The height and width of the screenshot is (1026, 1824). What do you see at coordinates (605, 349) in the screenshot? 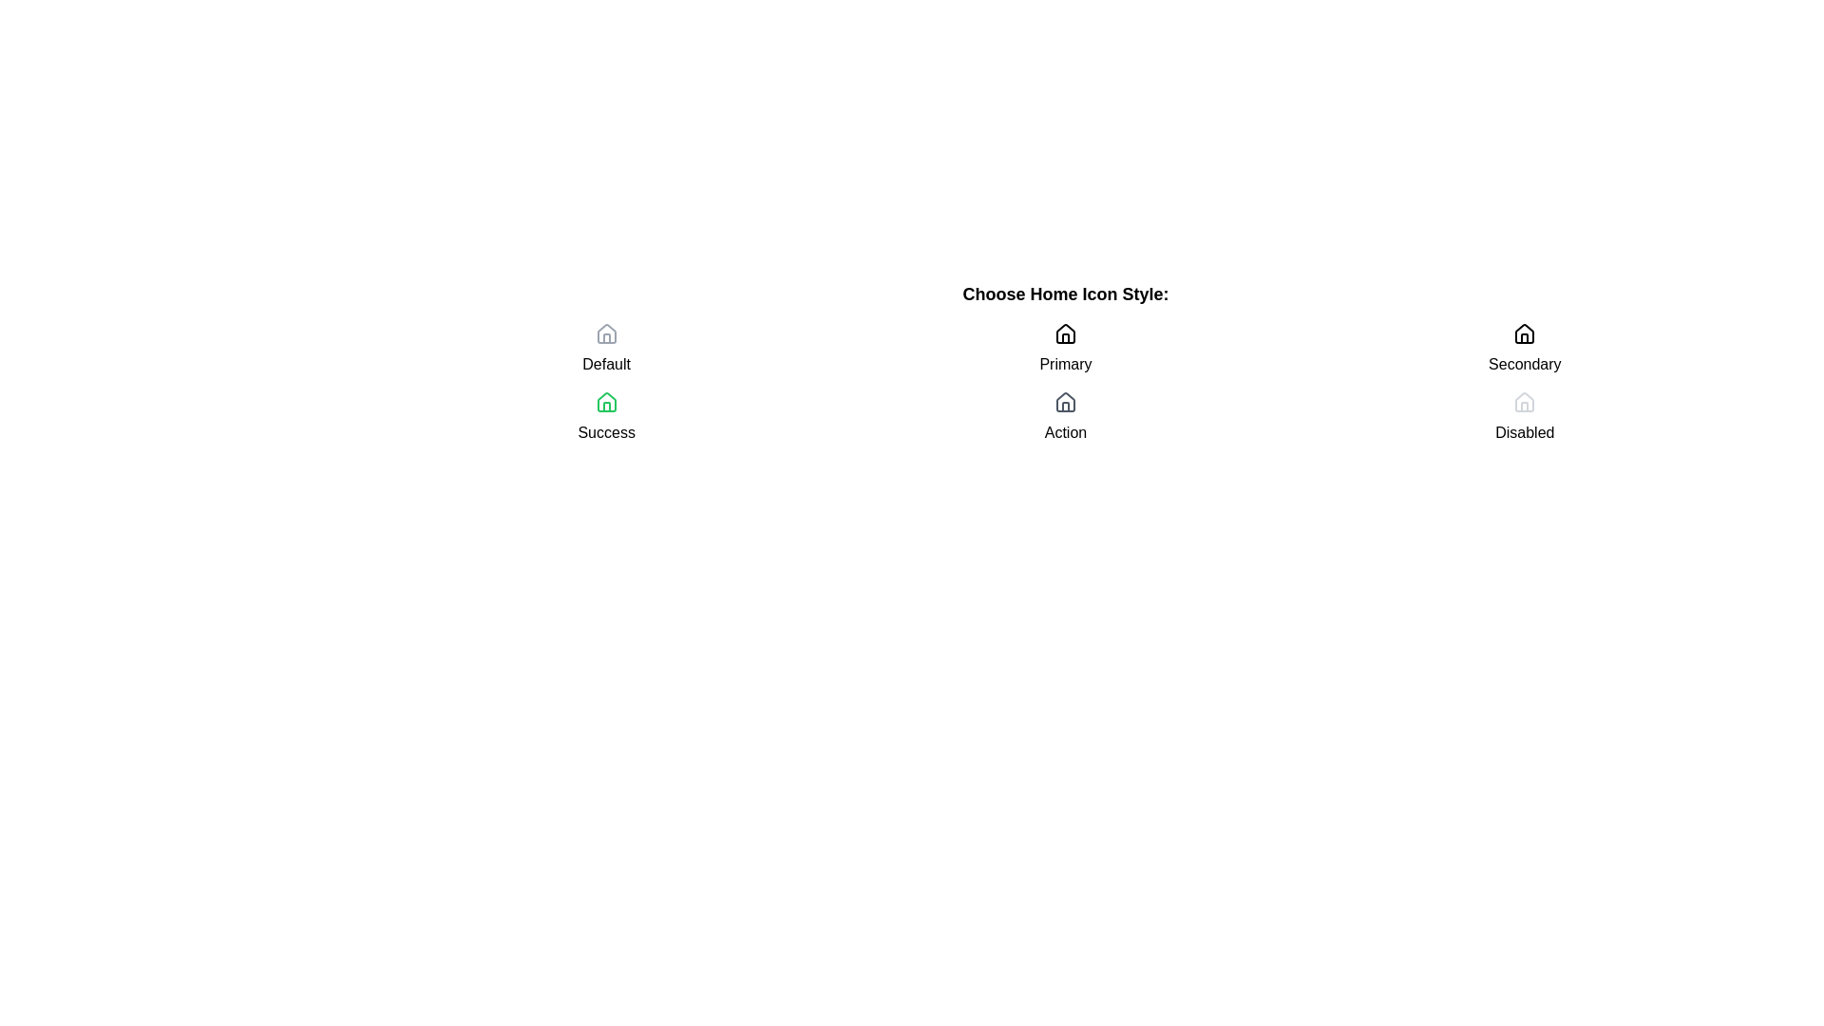
I see `the option selector with a house icon and the label 'Default'` at bounding box center [605, 349].